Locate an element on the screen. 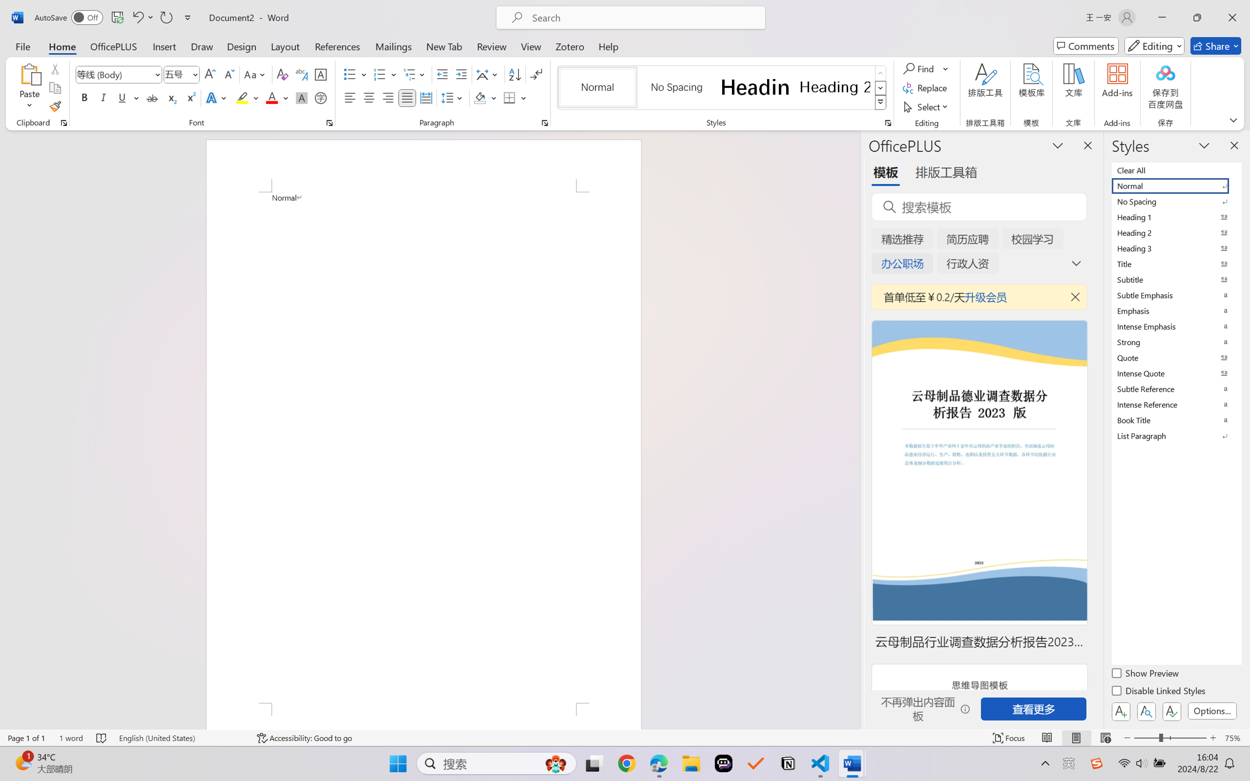 The image size is (1250, 781). 'Shading' is located at coordinates (485, 97).